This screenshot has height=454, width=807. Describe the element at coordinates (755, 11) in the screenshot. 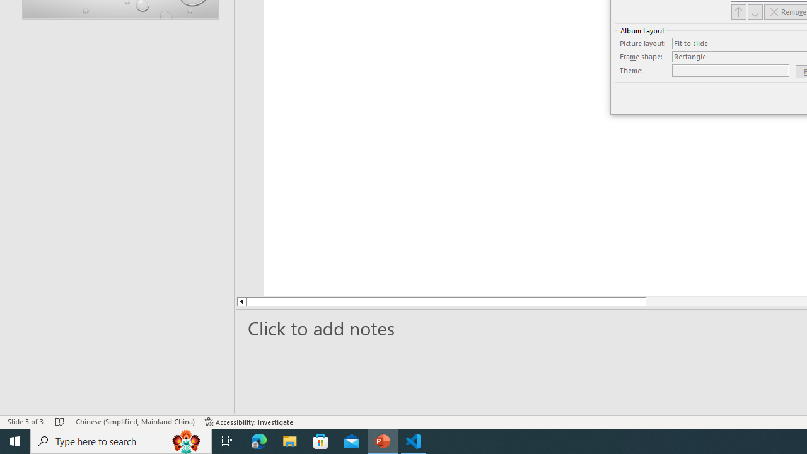

I see `'Next Item'` at that location.